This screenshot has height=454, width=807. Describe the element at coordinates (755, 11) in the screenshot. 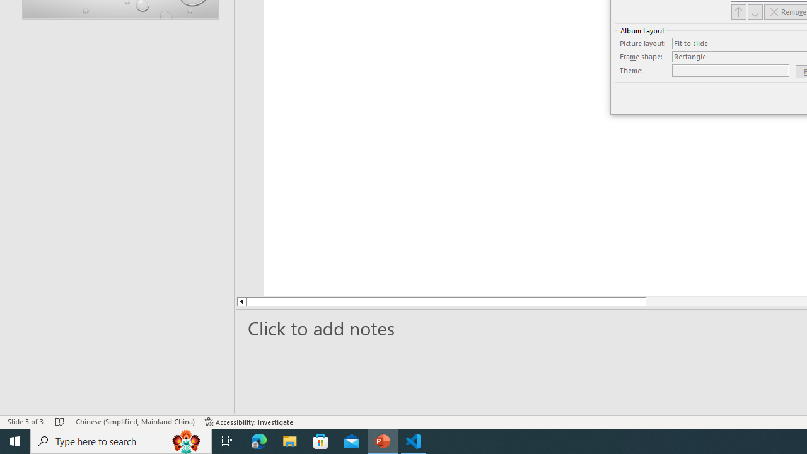

I see `'Next Item'` at that location.